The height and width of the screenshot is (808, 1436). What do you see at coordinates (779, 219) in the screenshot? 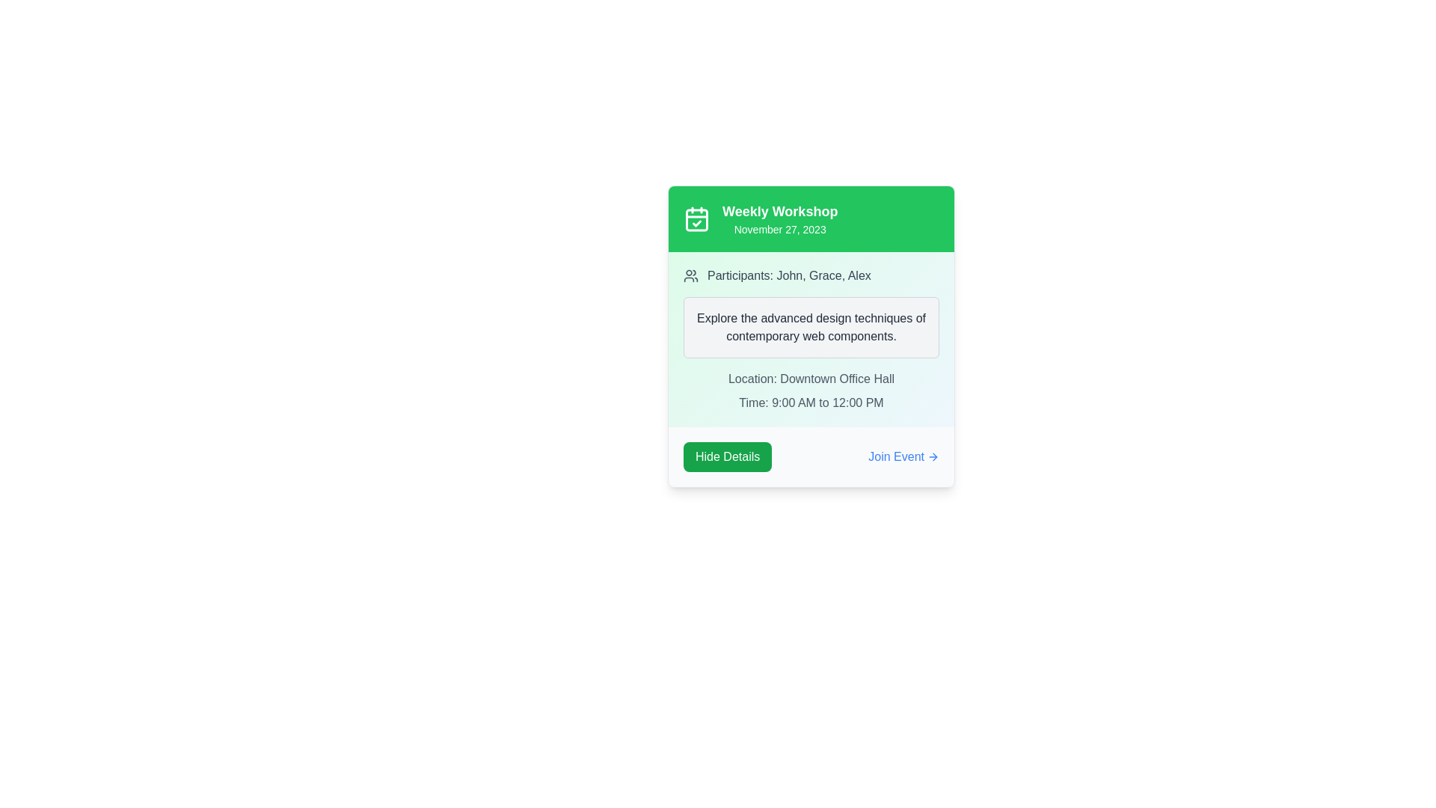
I see `text from the header label indicating the name and date of the event or workshop, which is located in the green header section of the card-like layout, positioned to the right of a calendar icon` at bounding box center [779, 219].